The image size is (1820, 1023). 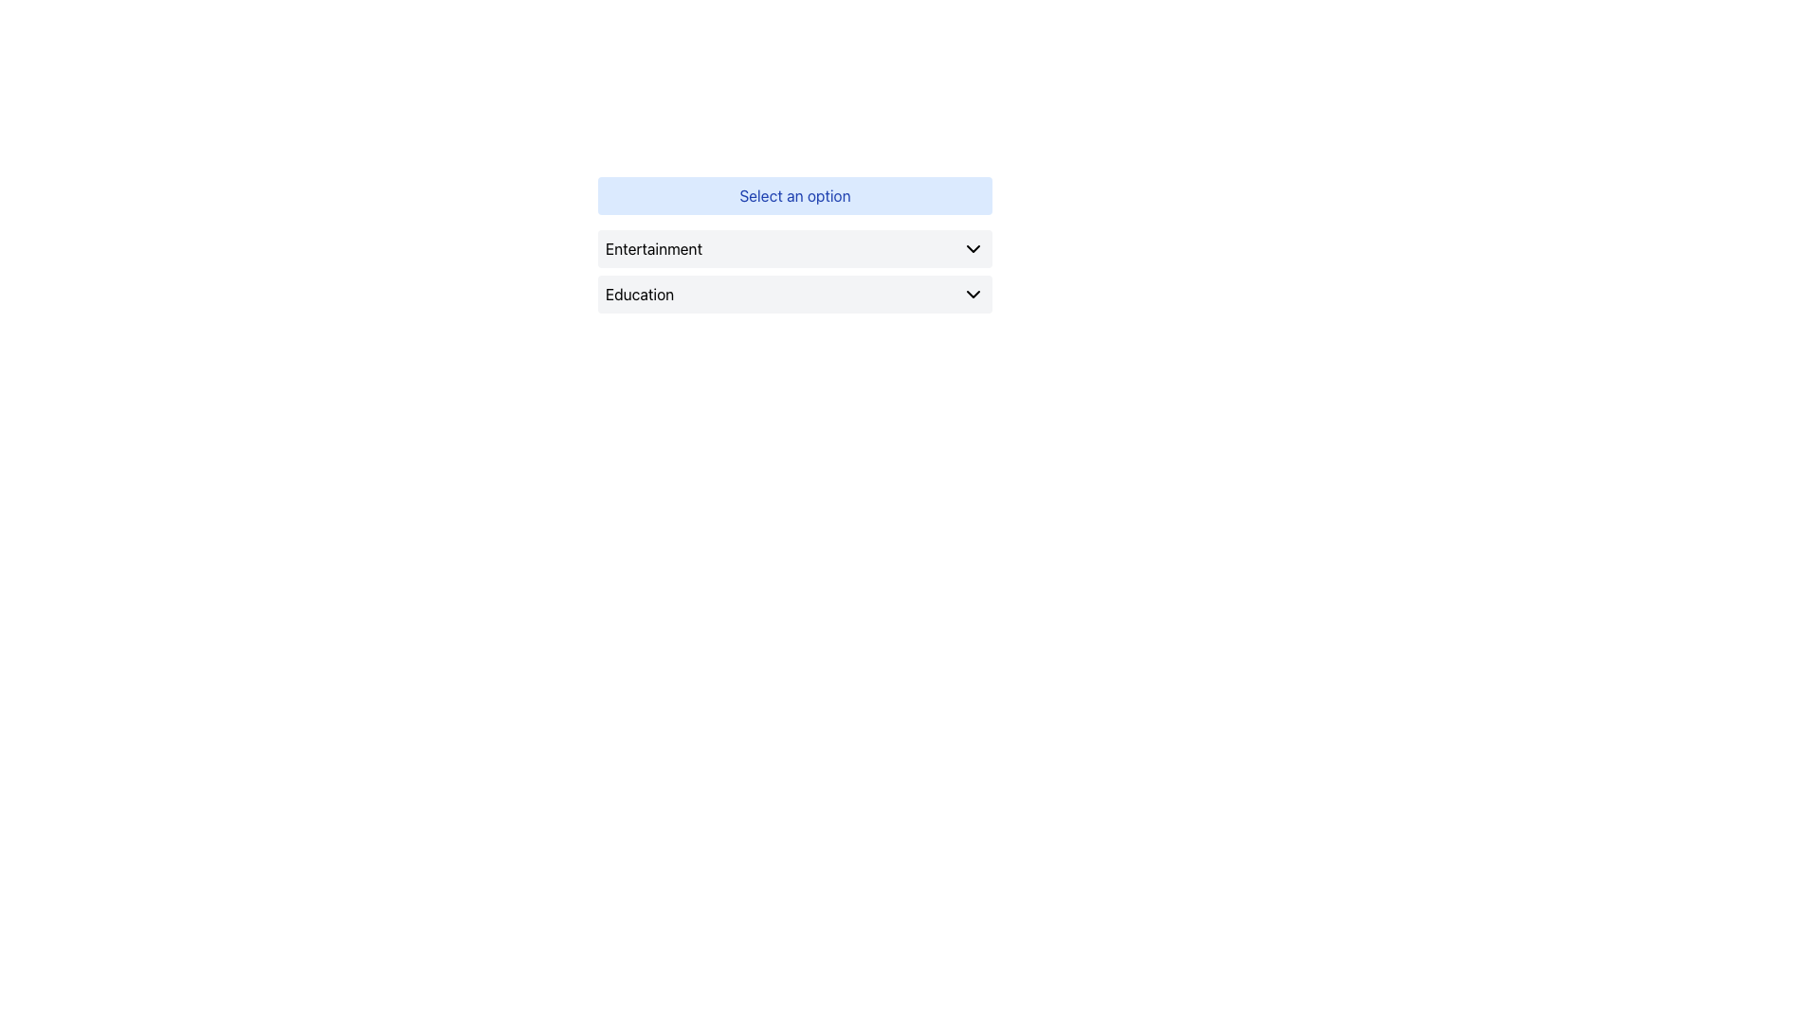 What do you see at coordinates (795, 247) in the screenshot?
I see `the first selectable list item labeled 'Entertainment'` at bounding box center [795, 247].